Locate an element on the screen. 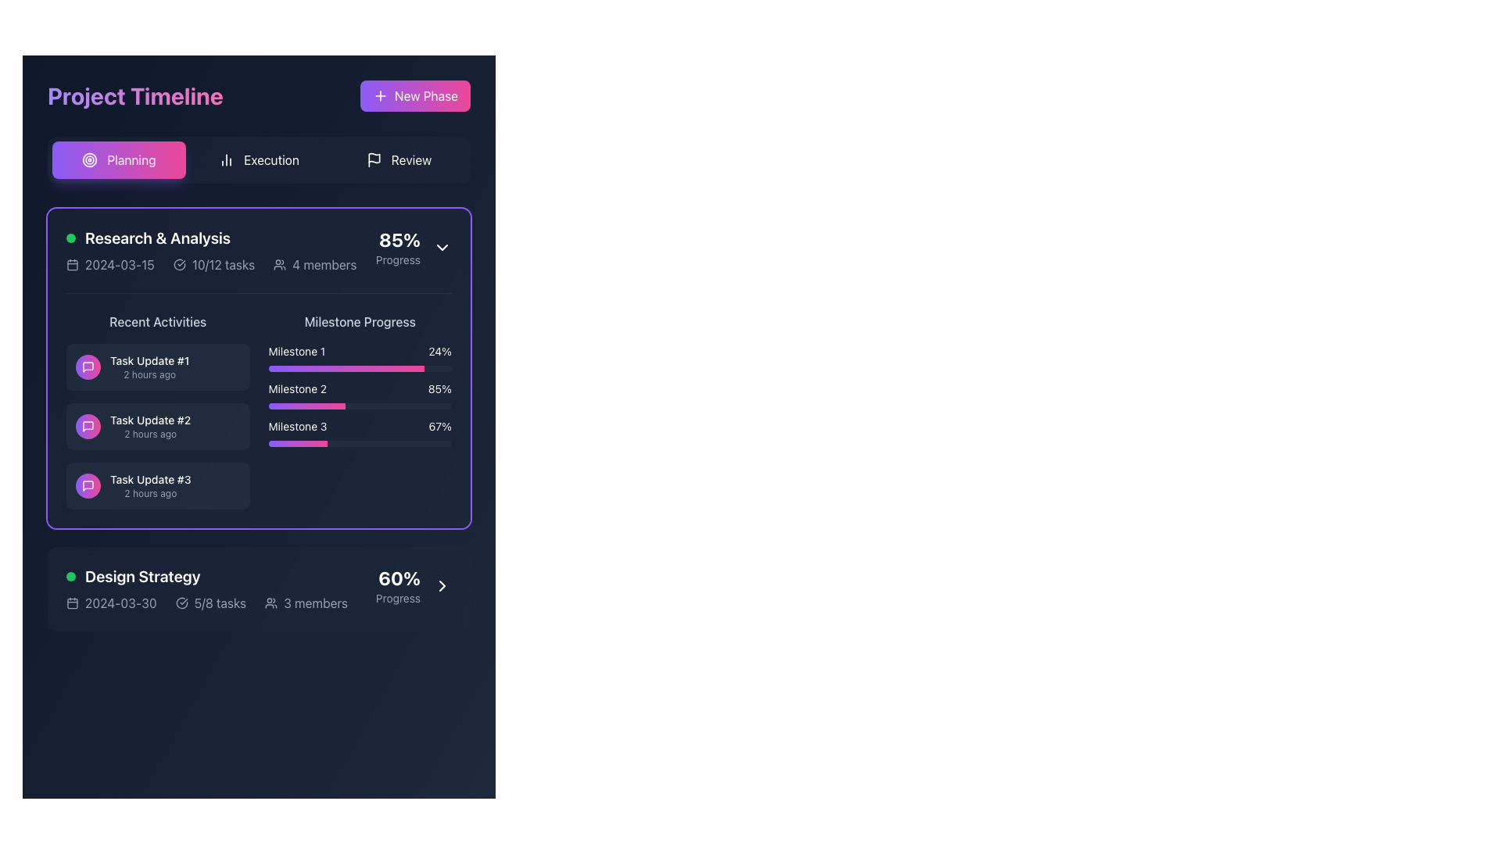  the 'Milestone 1' text label, which is displayed in white against a dark background, located in the right column of the 'Milestone Progress' section within the 'Research & Analysis' box is located at coordinates (296, 352).